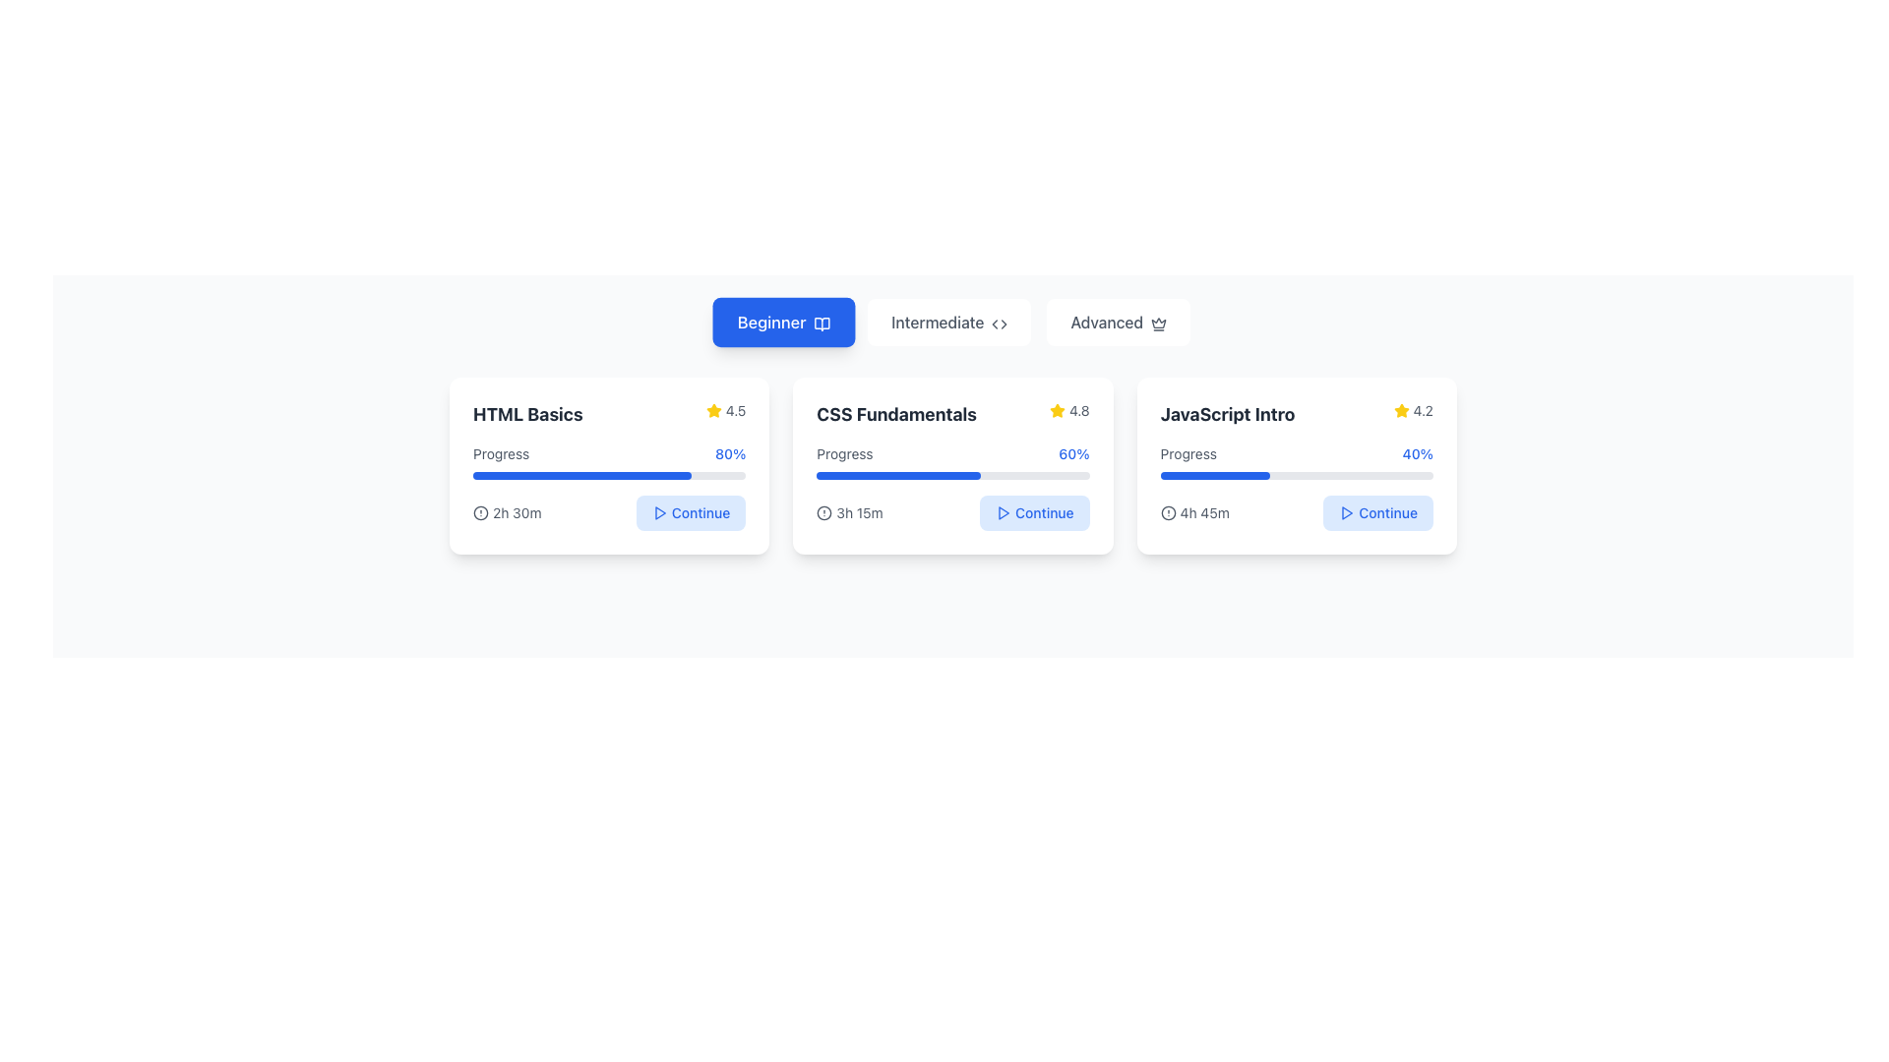 This screenshot has height=1062, width=1889. Describe the element at coordinates (953, 462) in the screenshot. I see `progress percentage from the progress bar located in the 'CSS Fundamentals' card, which is situated in the second column of the grid, centered below the header` at that location.